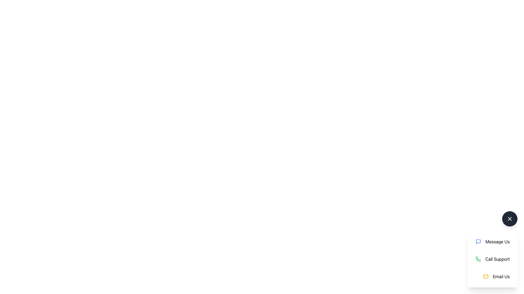 Image resolution: width=524 pixels, height=294 pixels. Describe the element at coordinates (478, 259) in the screenshot. I see `the 'Call Support' icon located in the dropdown menu at the bottom right-hand corner of the interface, which is positioned to the left of the text label 'Call Support'` at that location.